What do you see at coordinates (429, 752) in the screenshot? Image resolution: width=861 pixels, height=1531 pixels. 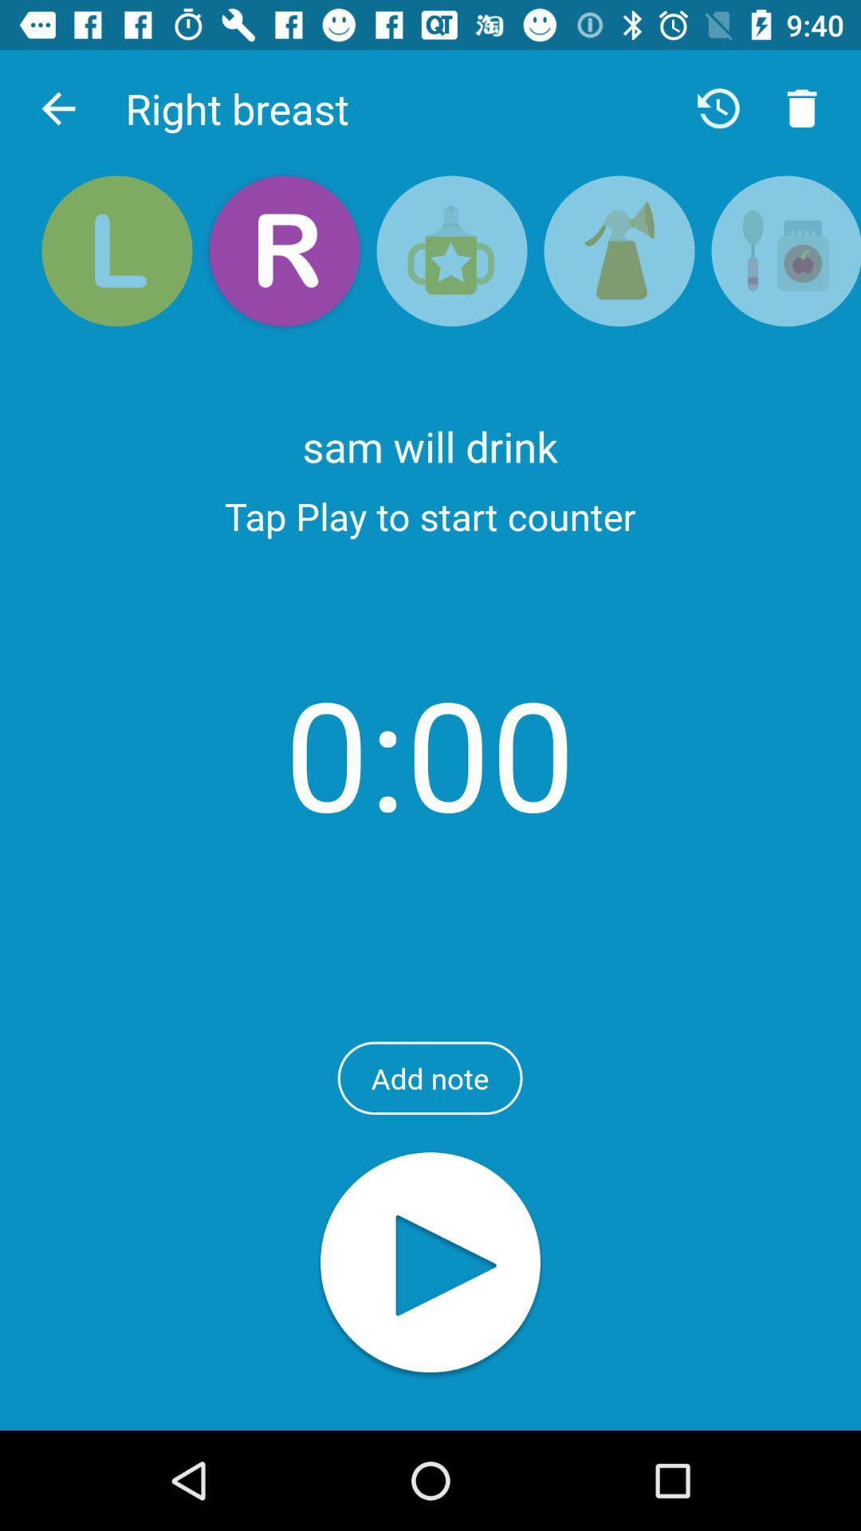 I see `0:00 item` at bounding box center [429, 752].